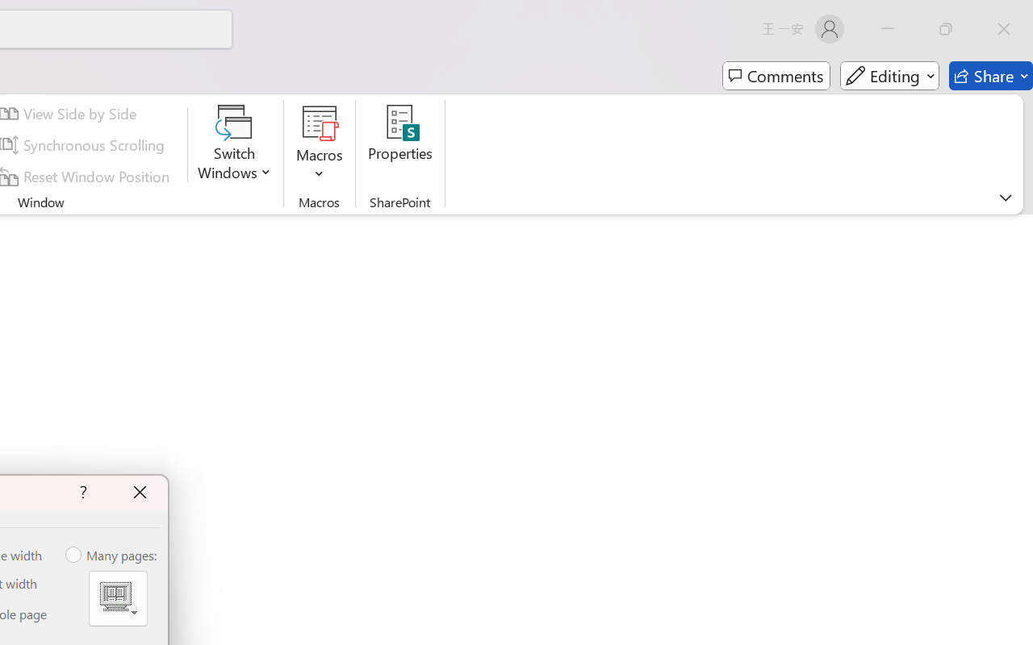 This screenshot has width=1033, height=645. What do you see at coordinates (1016, 162) in the screenshot?
I see `'Translator'` at bounding box center [1016, 162].